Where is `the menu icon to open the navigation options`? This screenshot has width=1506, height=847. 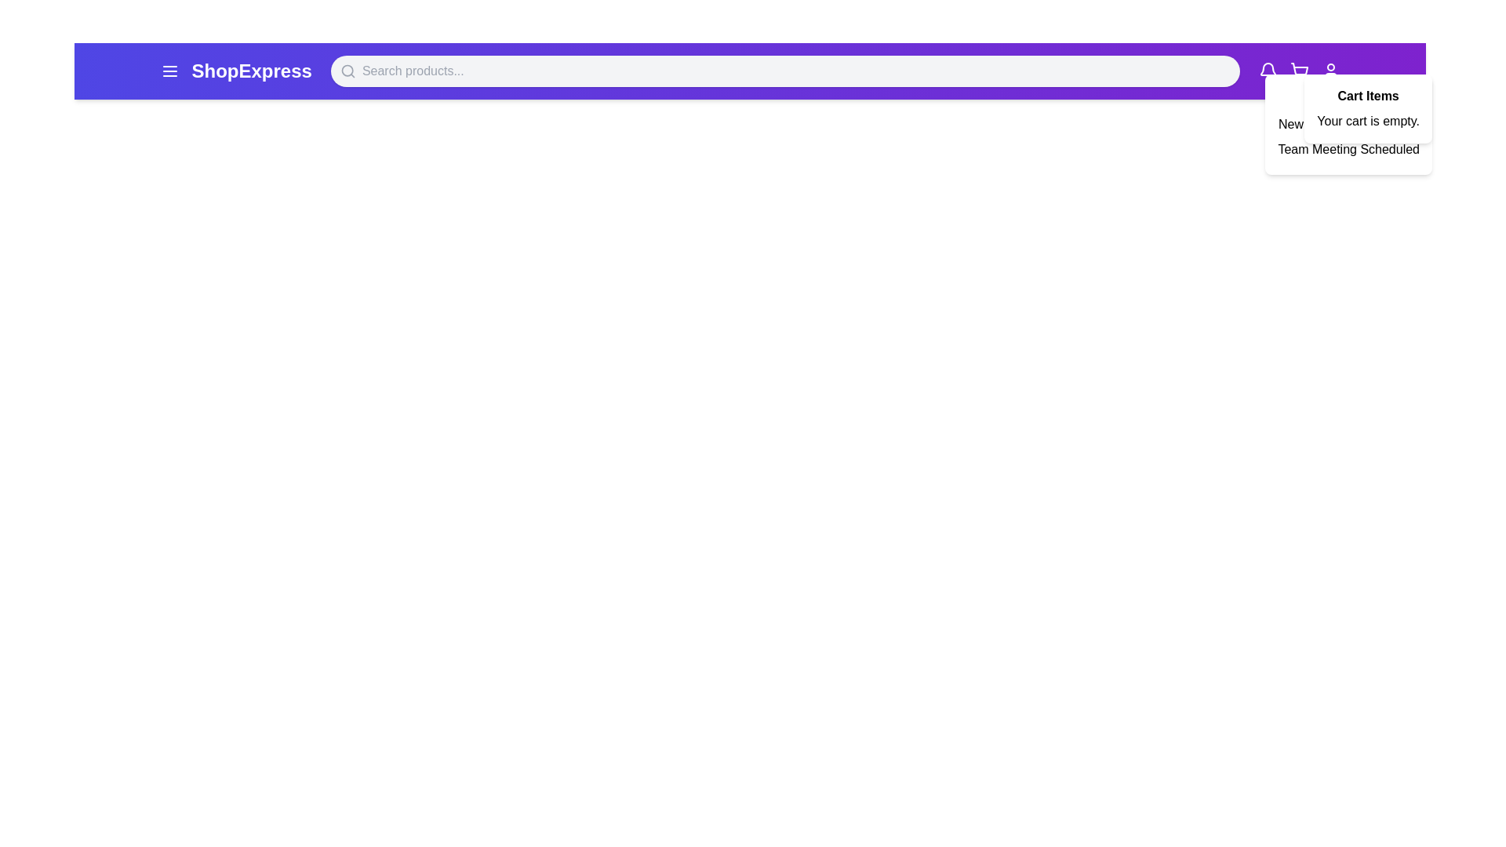
the menu icon to open the navigation options is located at coordinates (169, 71).